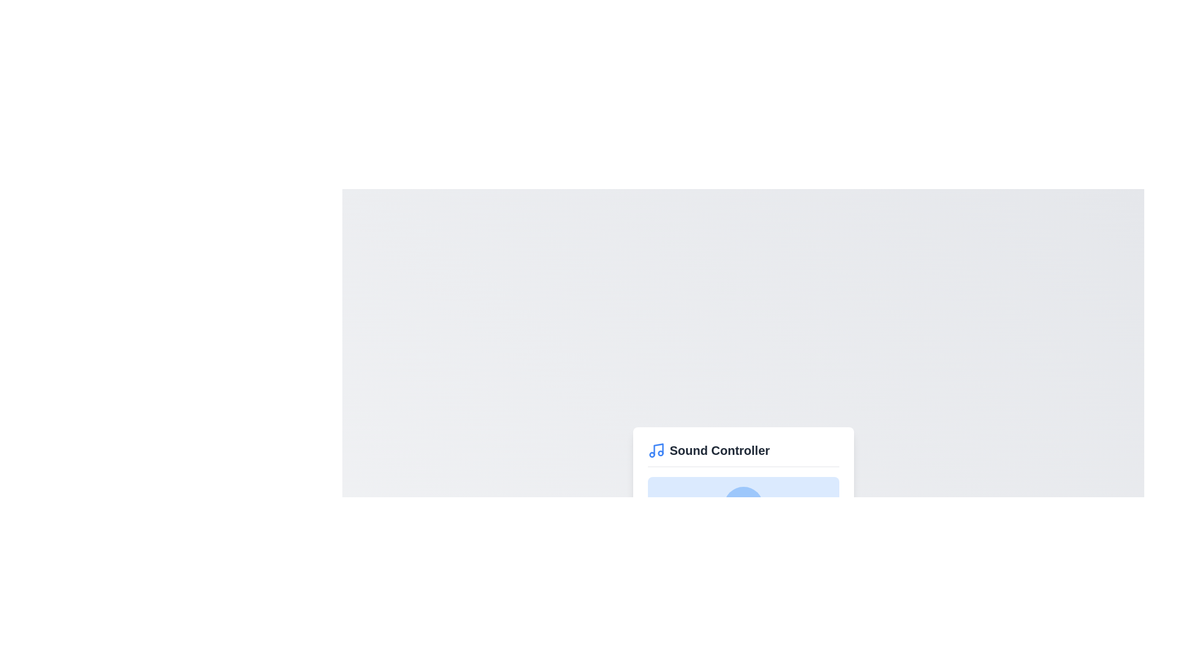  I want to click on the volume slider to 23% to observe the change in the volume indicator, so click(691, 550).